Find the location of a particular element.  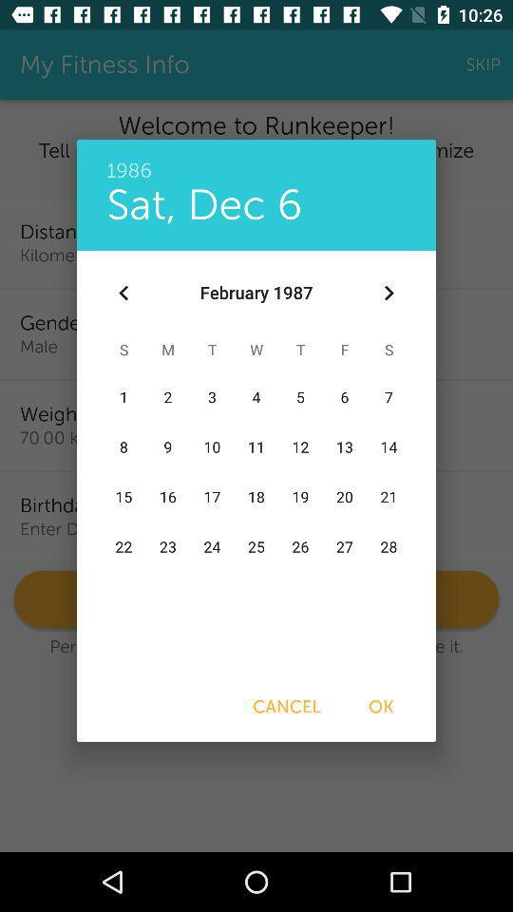

icon next to the ok icon is located at coordinates (286, 706).